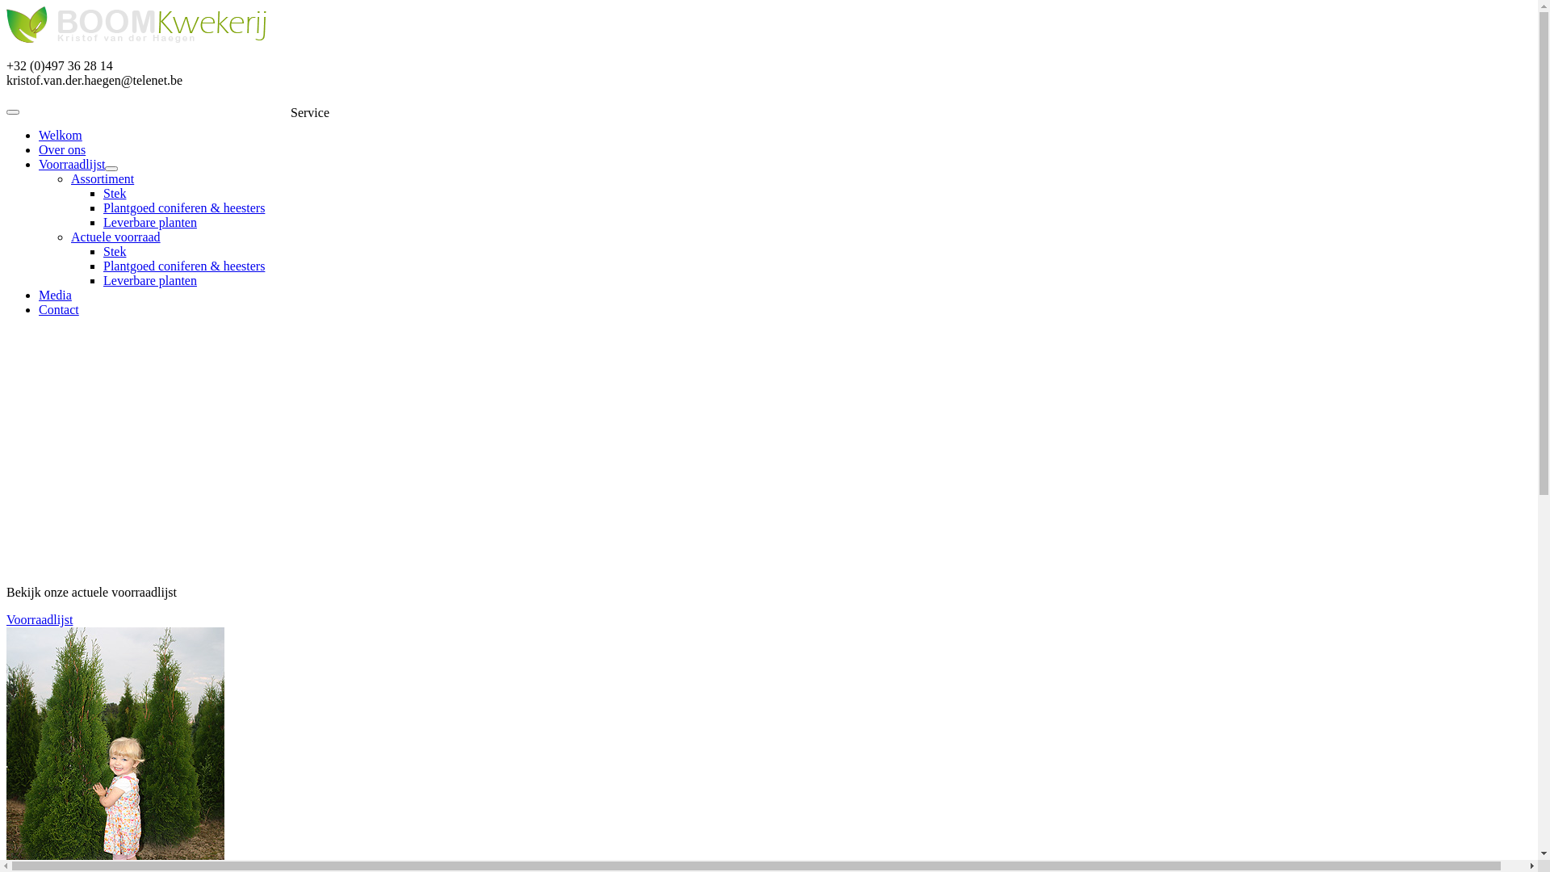 This screenshot has width=1550, height=872. I want to click on 'Plantgoed coniferen & heesters', so click(183, 207).